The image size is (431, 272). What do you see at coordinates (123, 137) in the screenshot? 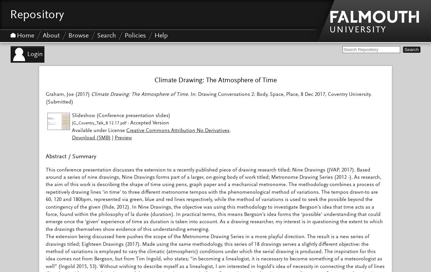
I see `'Preview'` at bounding box center [123, 137].